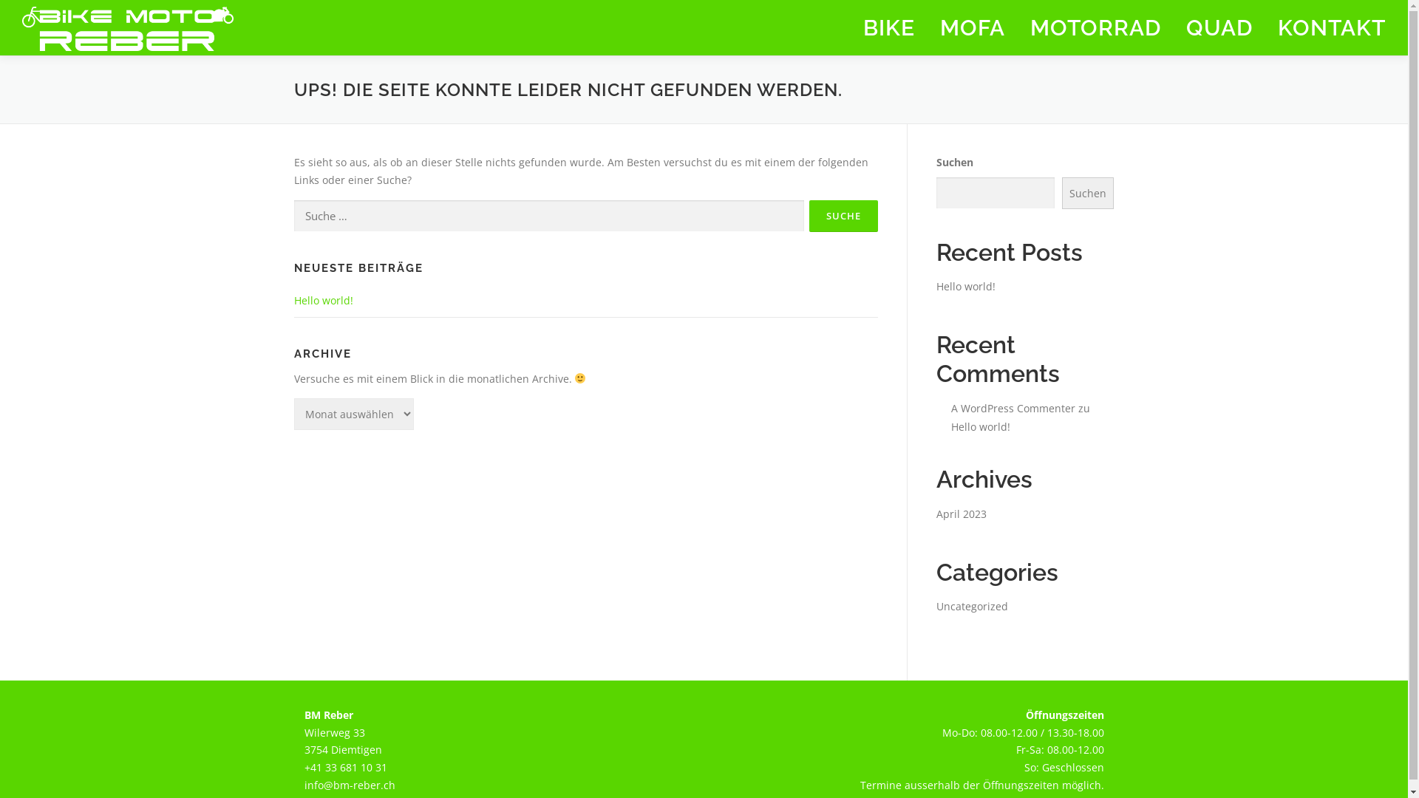 Image resolution: width=1419 pixels, height=798 pixels. I want to click on 'A WordPress Commenter', so click(1011, 408).